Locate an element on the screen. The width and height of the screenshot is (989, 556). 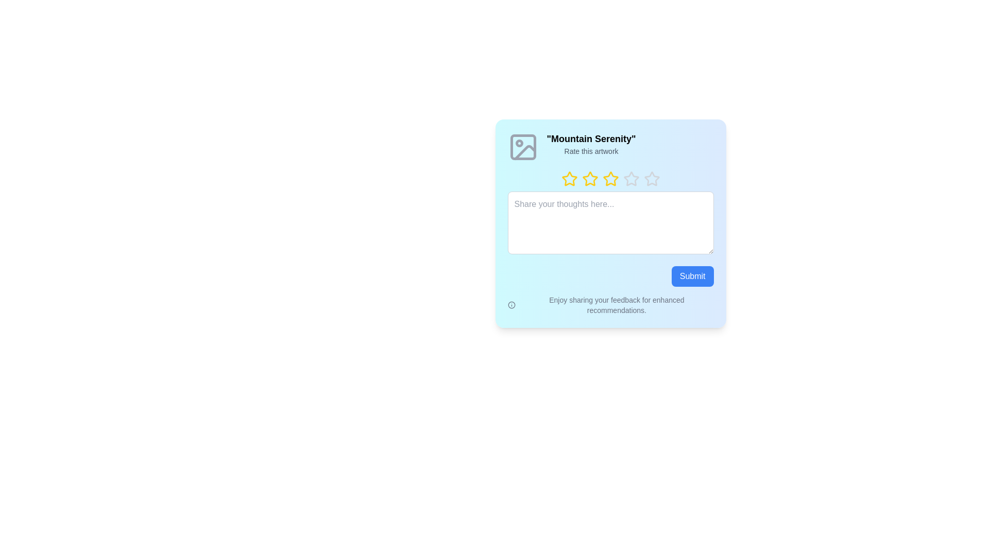
the rating to 1 stars by clicking on the respective star is located at coordinates (560, 178).